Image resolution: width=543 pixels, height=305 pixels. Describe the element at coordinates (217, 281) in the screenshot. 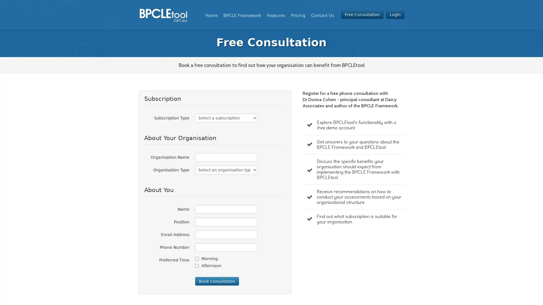

I see `Book Consultation` at that location.